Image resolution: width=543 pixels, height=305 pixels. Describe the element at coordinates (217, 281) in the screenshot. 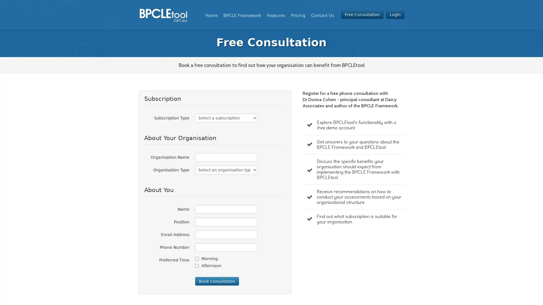

I see `Book Consultation` at that location.